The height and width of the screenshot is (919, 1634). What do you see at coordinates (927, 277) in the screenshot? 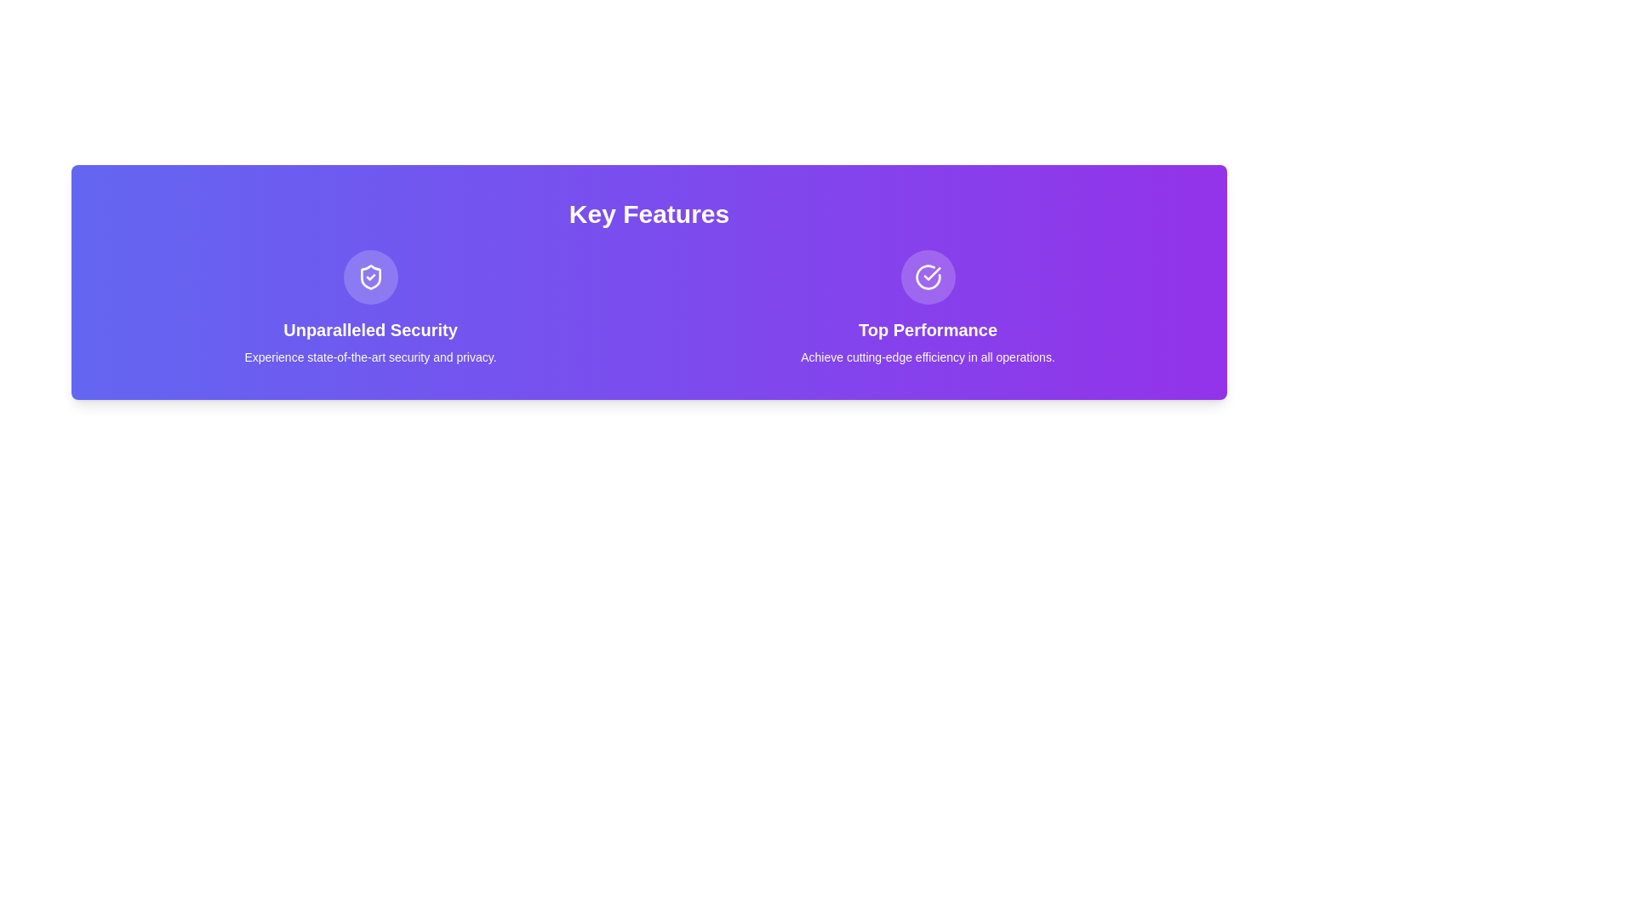
I see `the circular icon with a white checkmark inside, which is centrally located within the purple section above the 'Top Performance' title and description` at bounding box center [927, 277].